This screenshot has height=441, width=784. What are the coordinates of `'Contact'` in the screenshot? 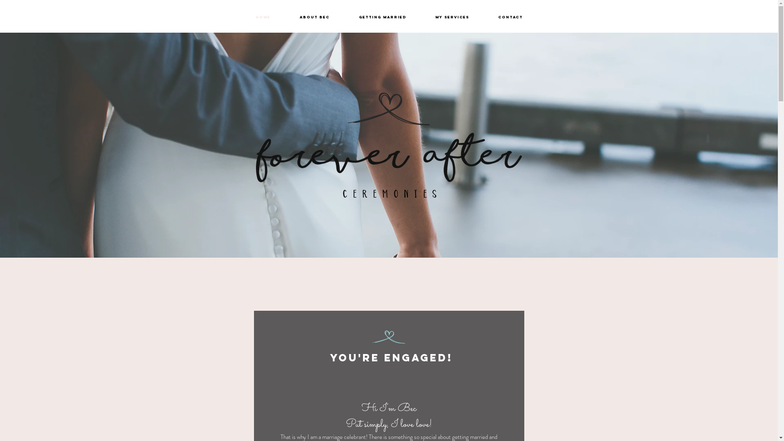 It's located at (510, 17).